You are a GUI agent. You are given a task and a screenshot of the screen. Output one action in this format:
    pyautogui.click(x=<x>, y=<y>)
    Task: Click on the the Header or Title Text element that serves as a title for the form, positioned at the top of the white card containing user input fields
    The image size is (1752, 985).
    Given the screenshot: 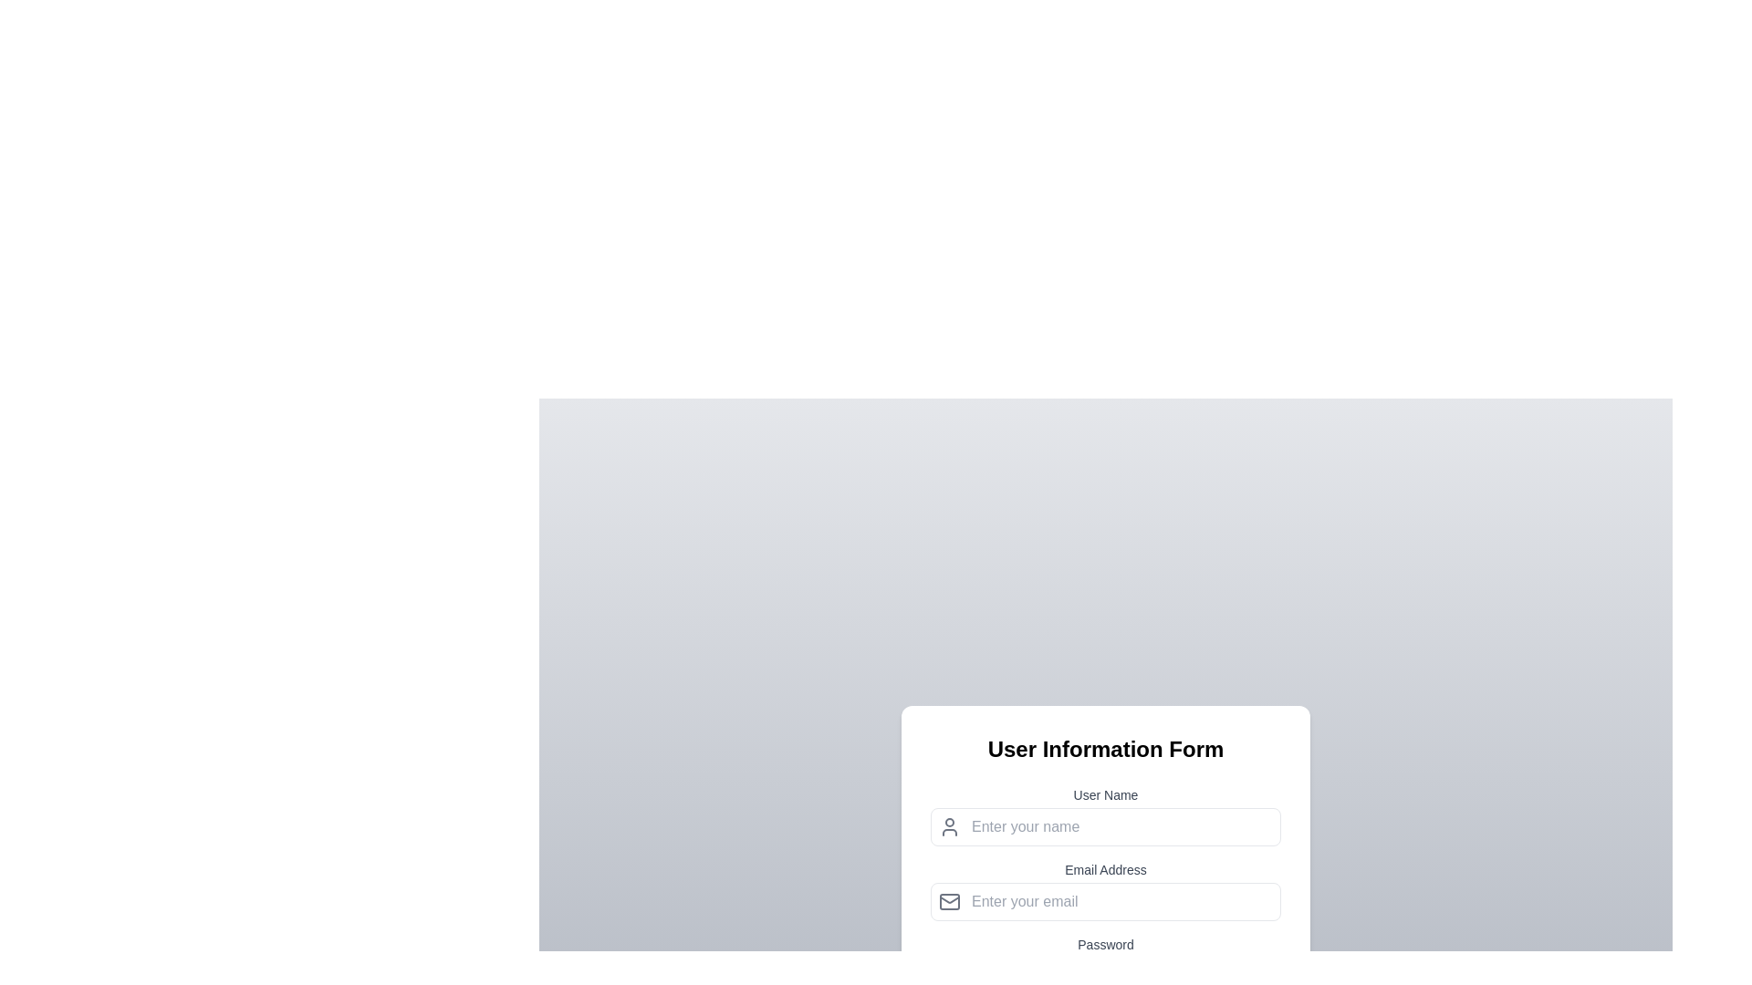 What is the action you would take?
    pyautogui.click(x=1104, y=749)
    